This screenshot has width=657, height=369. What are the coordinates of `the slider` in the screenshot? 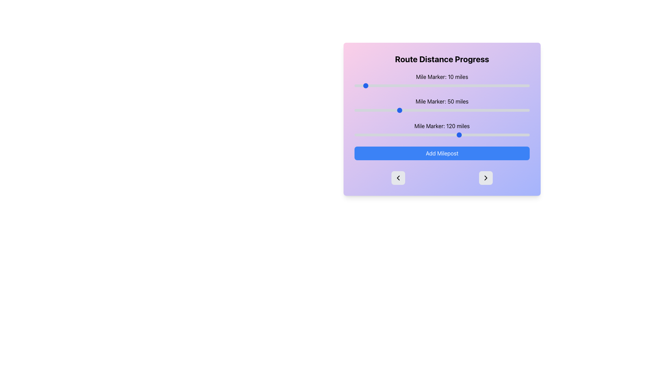 It's located at (411, 85).